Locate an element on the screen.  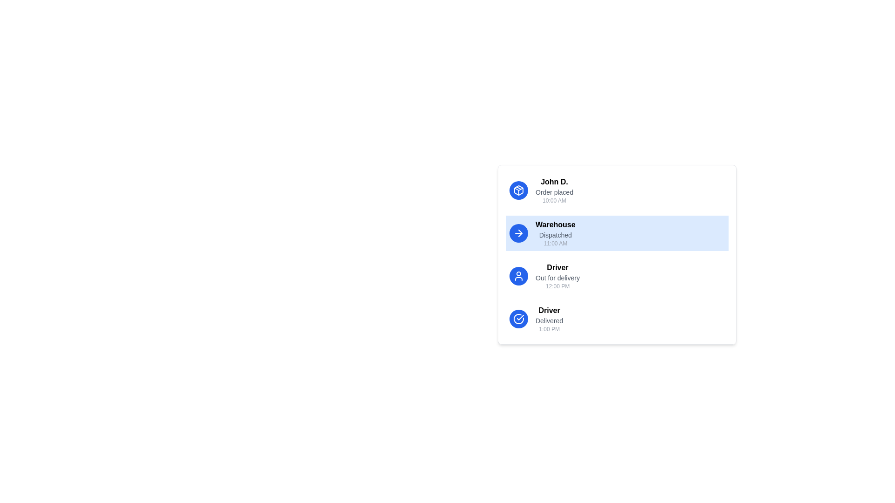
the Text block displaying the status update for 'Warehouse' with status 'Dispatched' is located at coordinates (555, 233).